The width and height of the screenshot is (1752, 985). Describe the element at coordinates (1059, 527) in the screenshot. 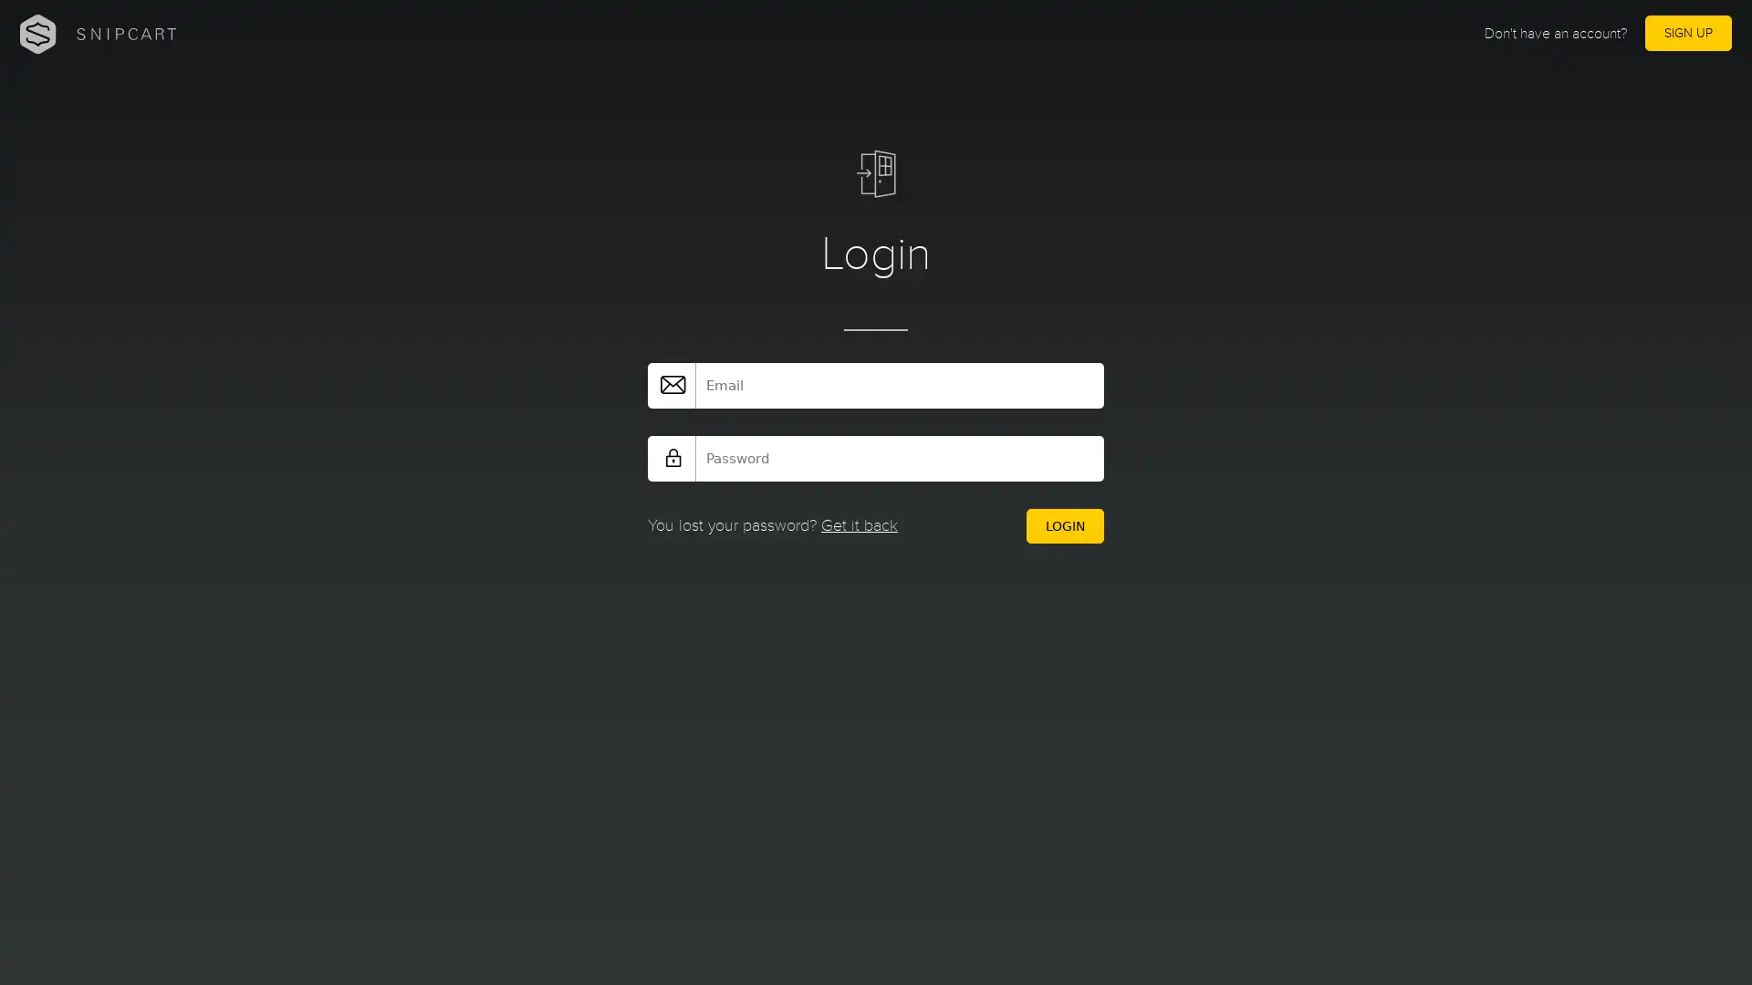

I see `LOGIN` at that location.